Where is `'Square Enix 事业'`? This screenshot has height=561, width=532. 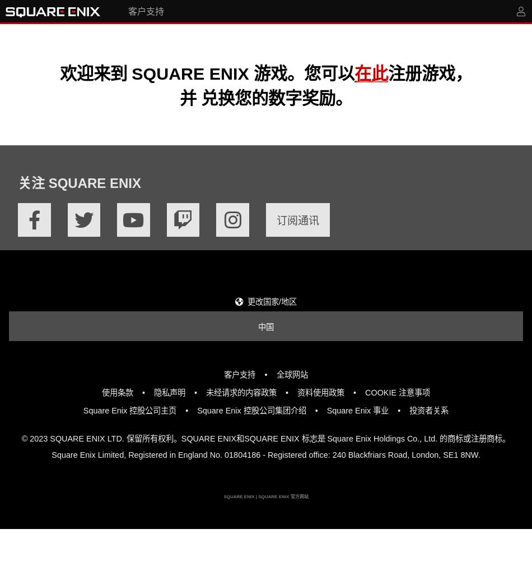 'Square Enix 事业' is located at coordinates (357, 410).